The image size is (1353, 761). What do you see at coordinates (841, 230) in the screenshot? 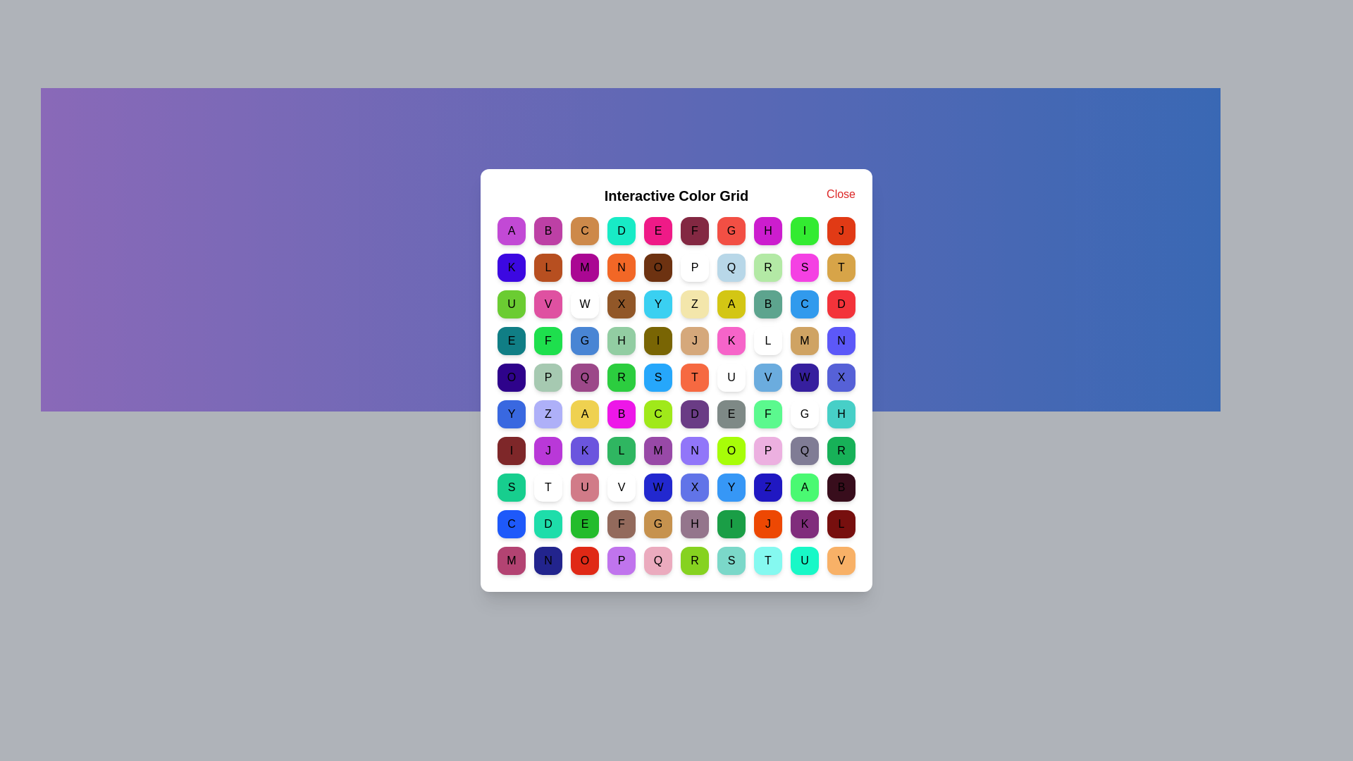
I see `the grid cell labeled J to view its color message` at bounding box center [841, 230].